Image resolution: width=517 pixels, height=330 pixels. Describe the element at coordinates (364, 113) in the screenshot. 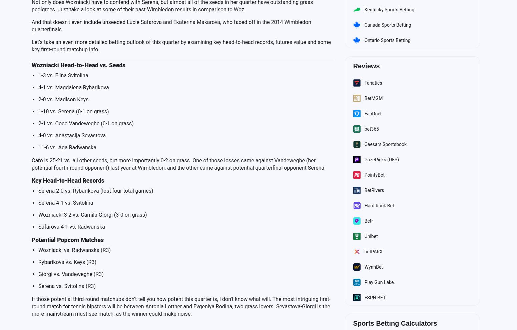

I see `'FanDuel'` at that location.